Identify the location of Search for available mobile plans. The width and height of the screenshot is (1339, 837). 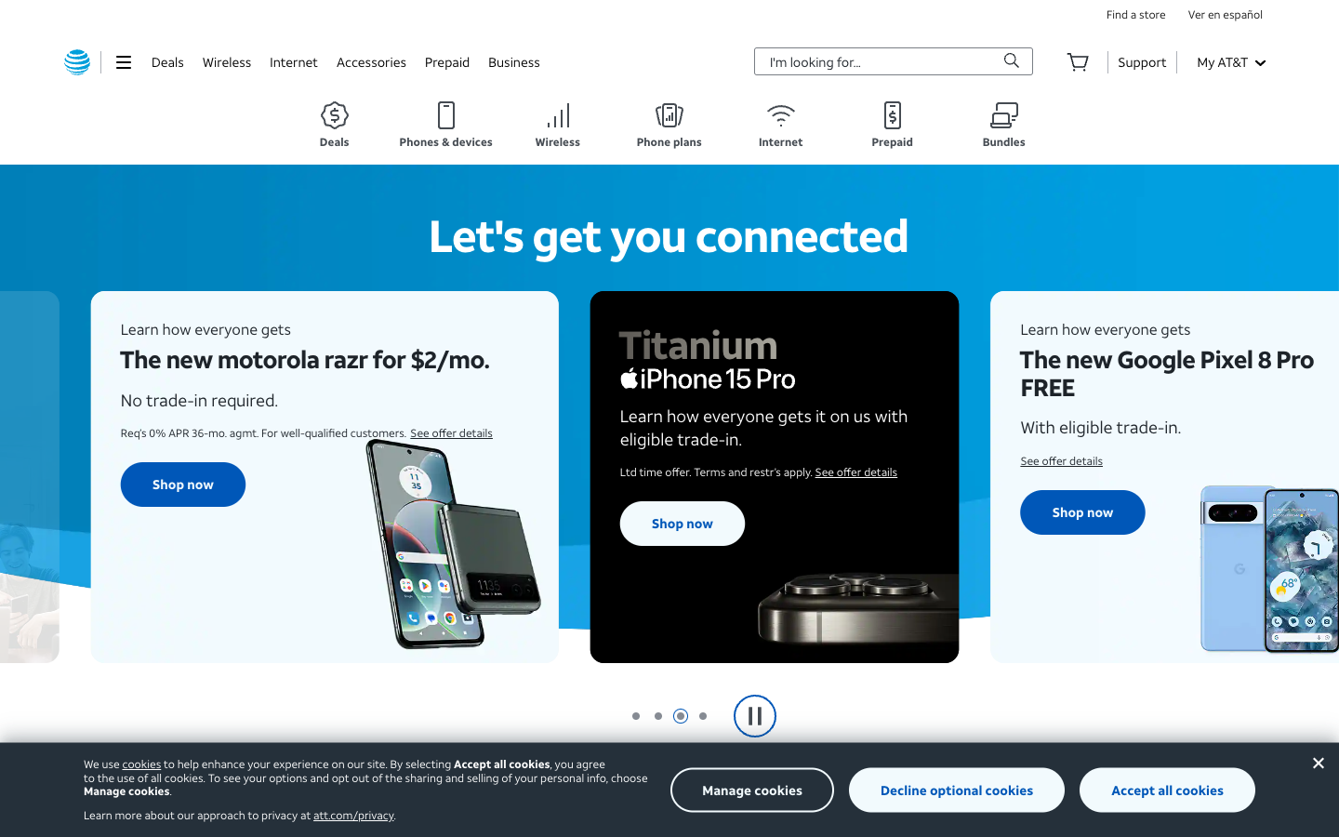
(669, 125).